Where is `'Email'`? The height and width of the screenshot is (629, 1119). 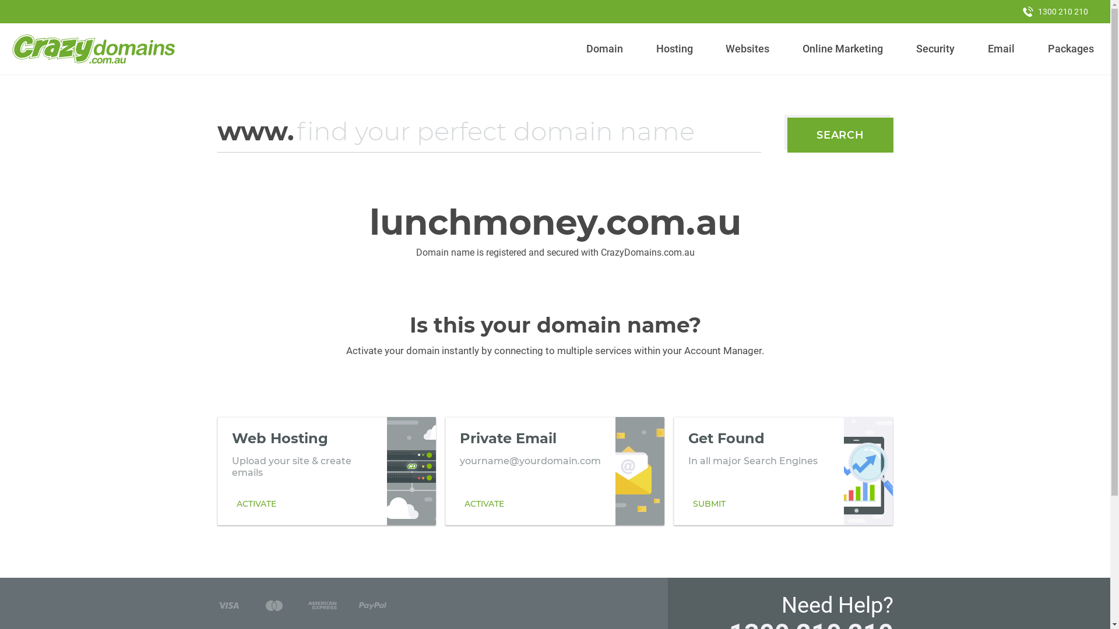
'Email' is located at coordinates (1000, 48).